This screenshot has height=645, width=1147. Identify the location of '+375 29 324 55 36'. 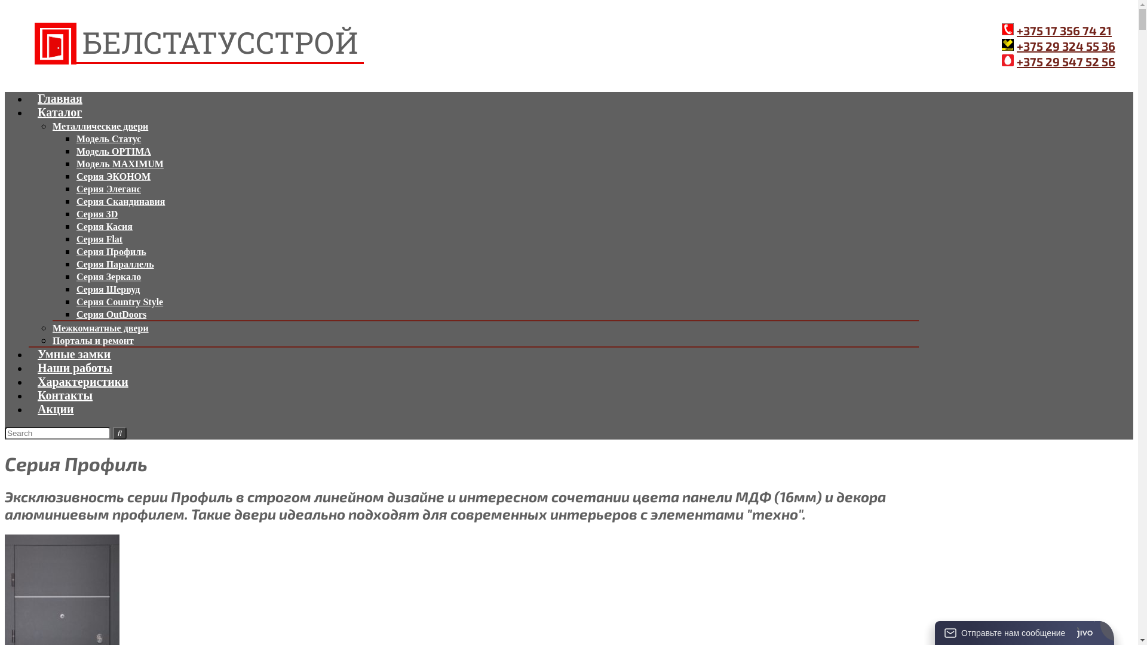
(1066, 45).